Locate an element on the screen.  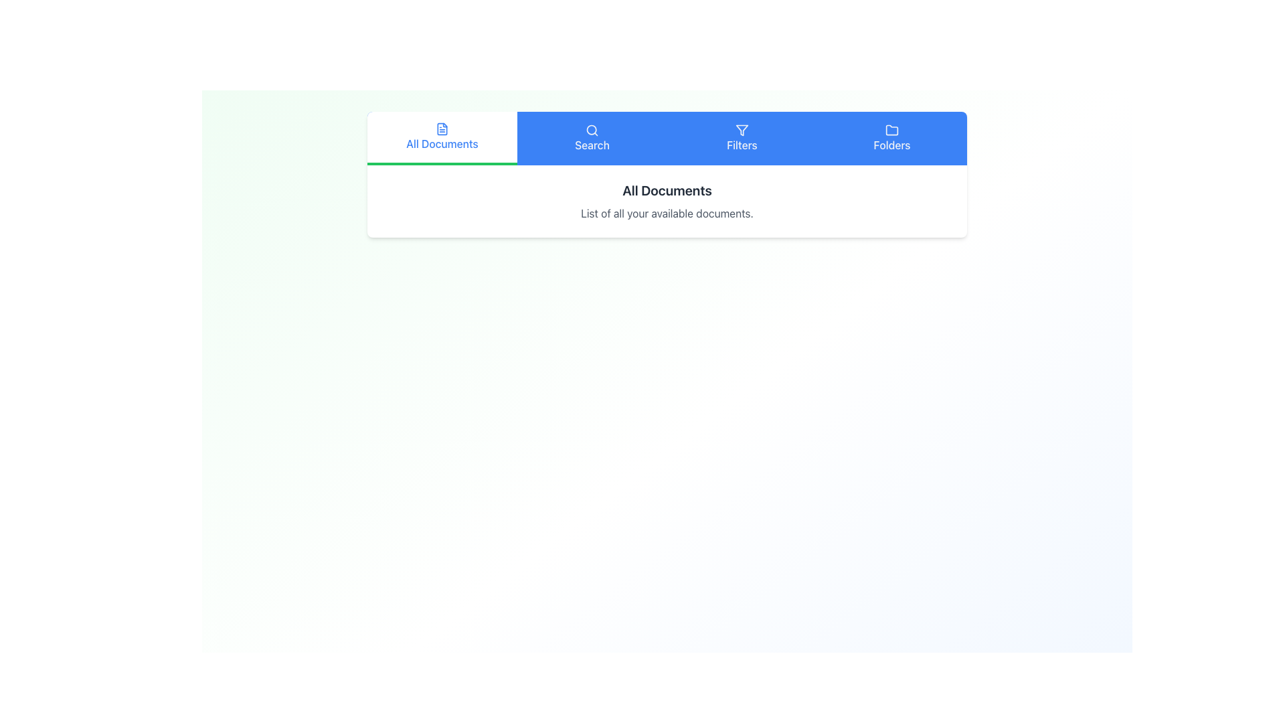
the text label that reads 'Filters', which is styled in white text on a blue background and is part of the navigation toolbar is located at coordinates (741, 145).